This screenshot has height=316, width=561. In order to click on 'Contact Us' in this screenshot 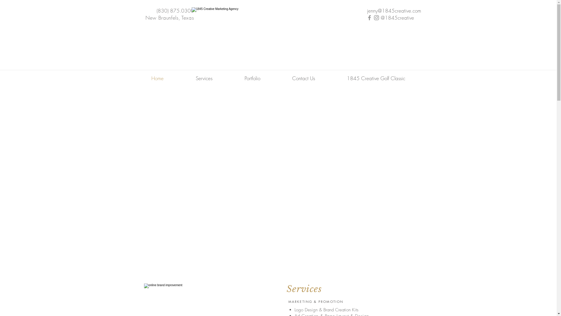, I will do `click(304, 78)`.